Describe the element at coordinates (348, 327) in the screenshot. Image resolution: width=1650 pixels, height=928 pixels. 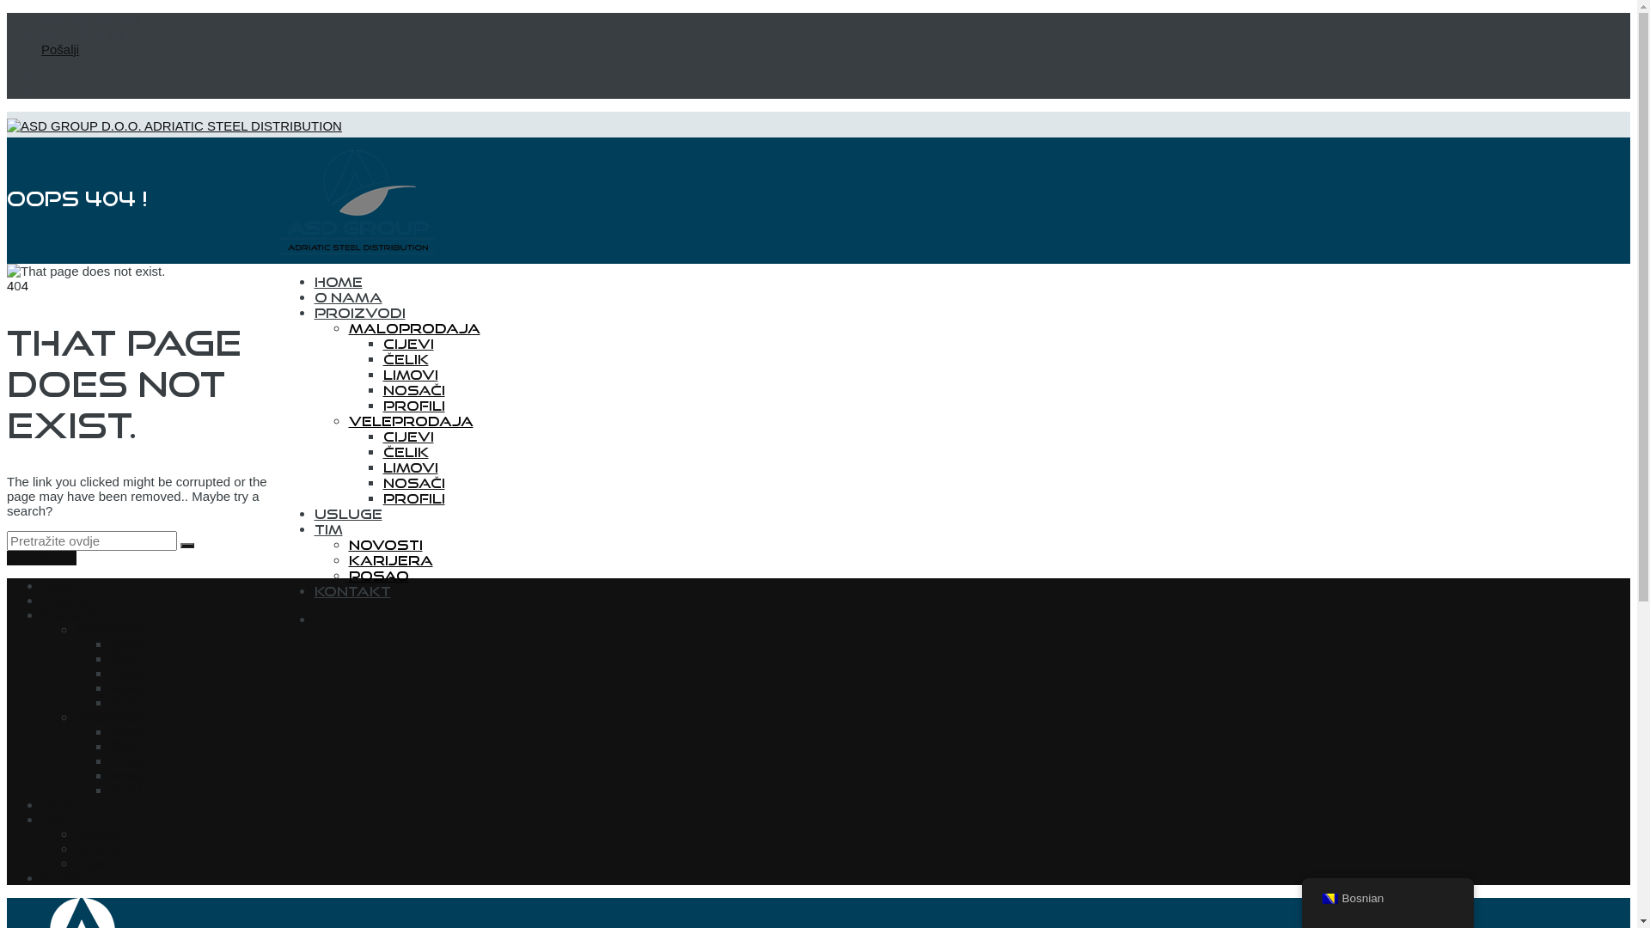
I see `'Maloprodaja'` at that location.